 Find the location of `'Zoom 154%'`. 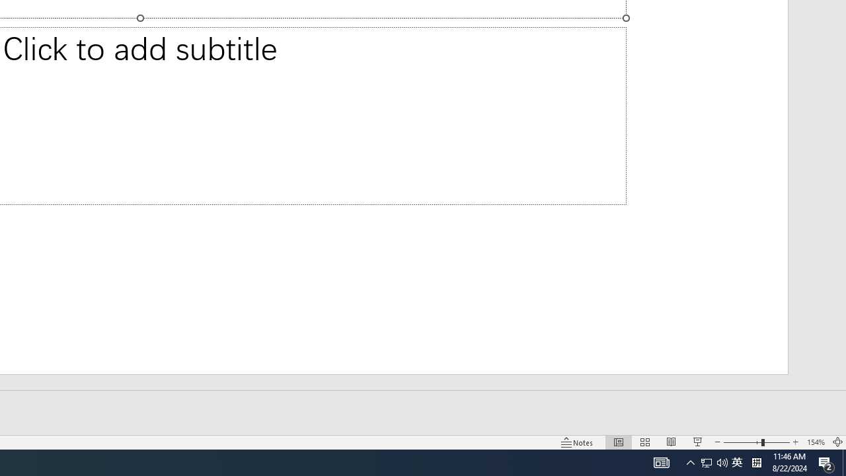

'Zoom 154%' is located at coordinates (815, 442).